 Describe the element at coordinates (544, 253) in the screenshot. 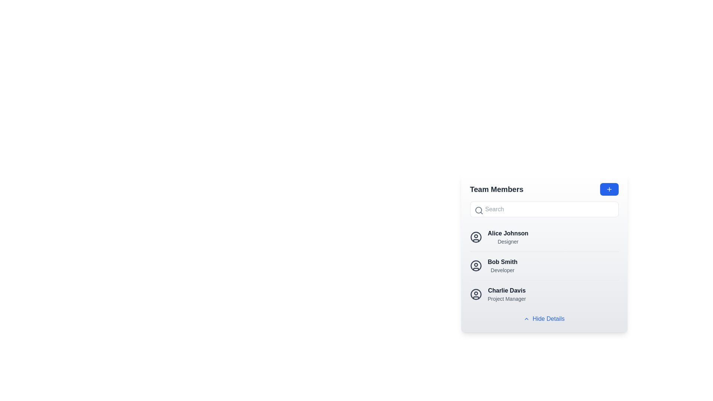

I see `the list item displaying details about 'Bob Smith, Developer'` at that location.